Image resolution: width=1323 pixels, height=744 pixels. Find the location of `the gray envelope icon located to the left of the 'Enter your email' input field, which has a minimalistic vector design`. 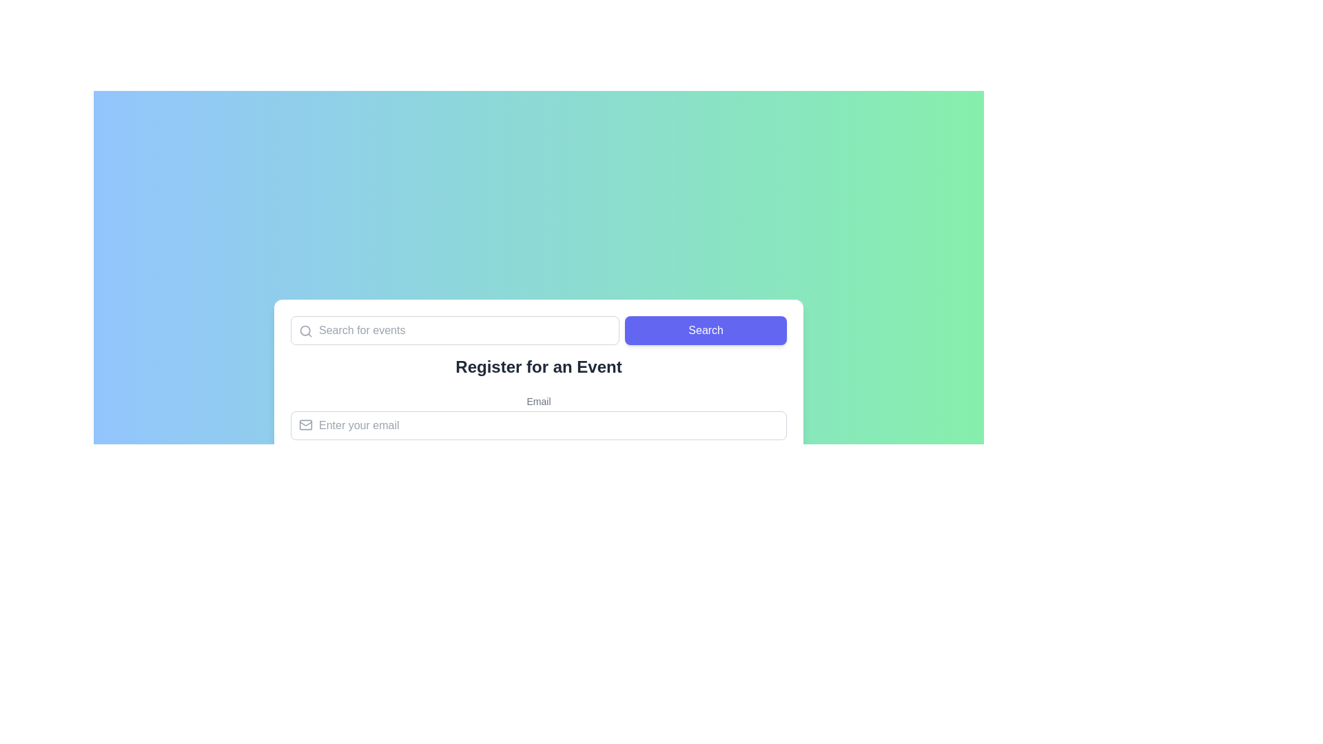

the gray envelope icon located to the left of the 'Enter your email' input field, which has a minimalistic vector design is located at coordinates (305, 424).